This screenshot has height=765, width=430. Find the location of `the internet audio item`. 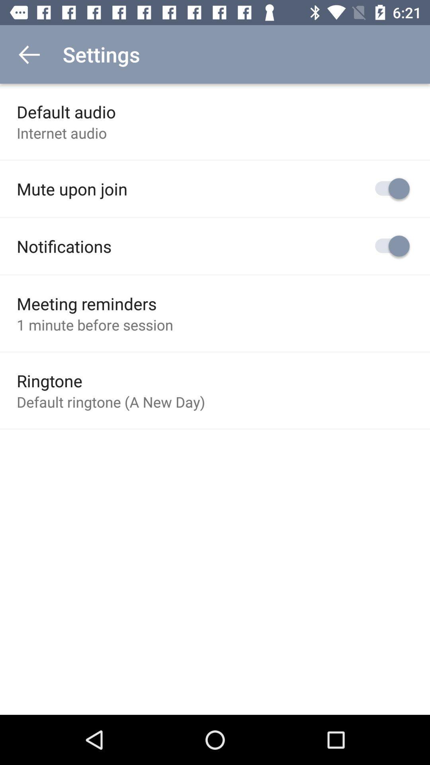

the internet audio item is located at coordinates (61, 133).